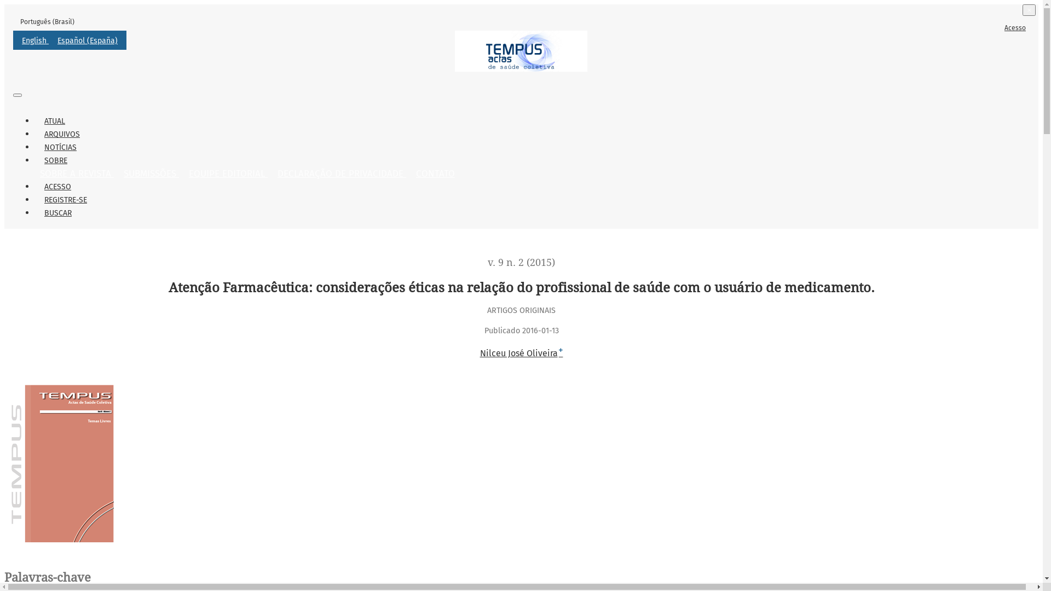  What do you see at coordinates (34, 173) in the screenshot?
I see `'SOBRE A REVISTA'` at bounding box center [34, 173].